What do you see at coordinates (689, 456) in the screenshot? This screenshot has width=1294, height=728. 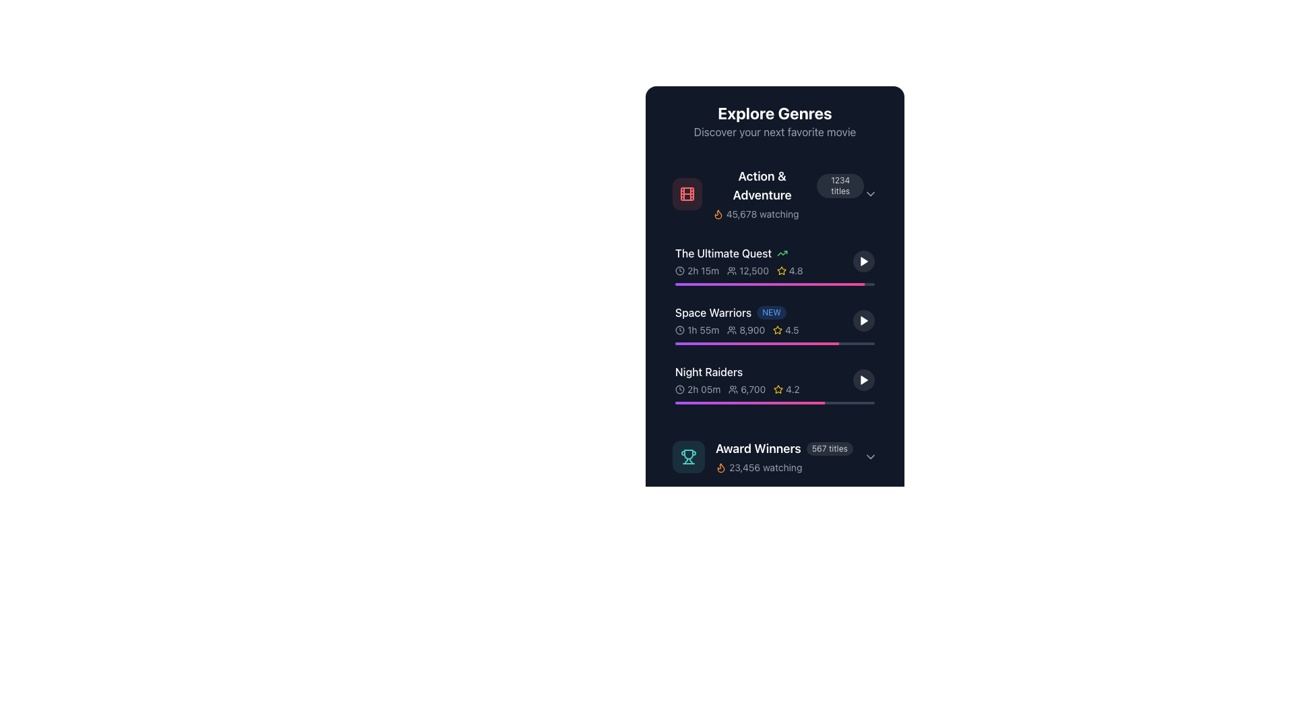 I see `the award-winning category icon, which is located inside a rounded square at the bottom of the listed items, aligned with the 'Award Winners' text` at bounding box center [689, 456].